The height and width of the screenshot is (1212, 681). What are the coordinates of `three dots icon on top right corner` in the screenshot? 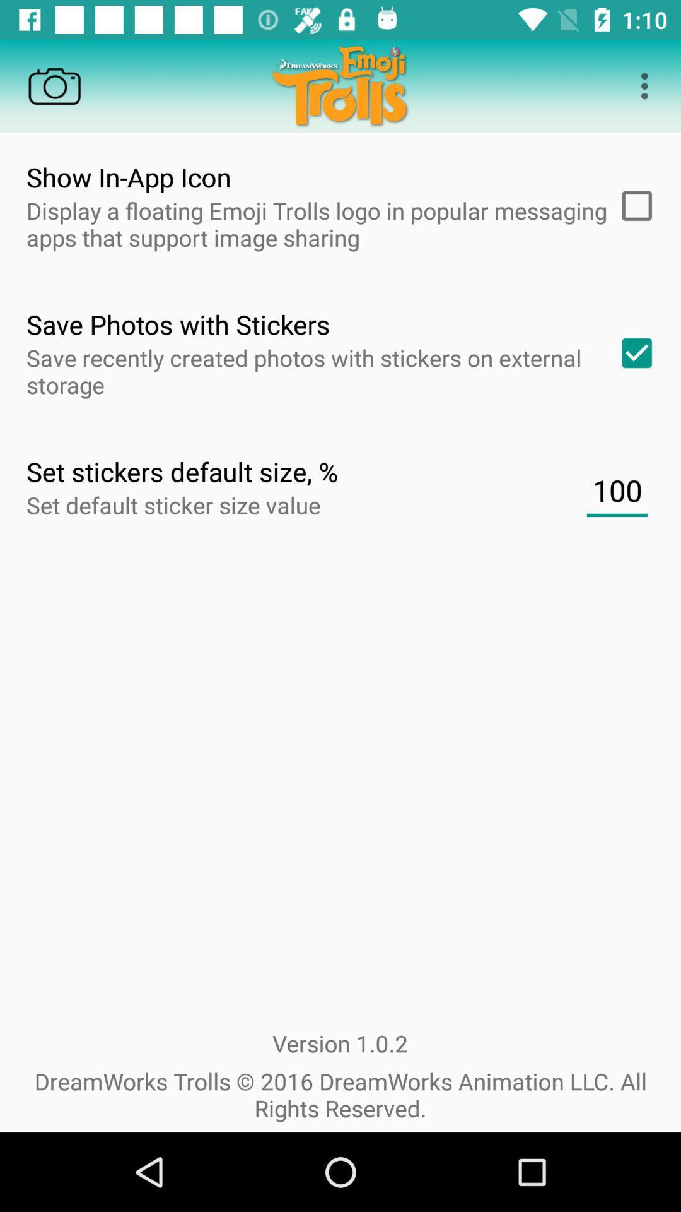 It's located at (648, 86).